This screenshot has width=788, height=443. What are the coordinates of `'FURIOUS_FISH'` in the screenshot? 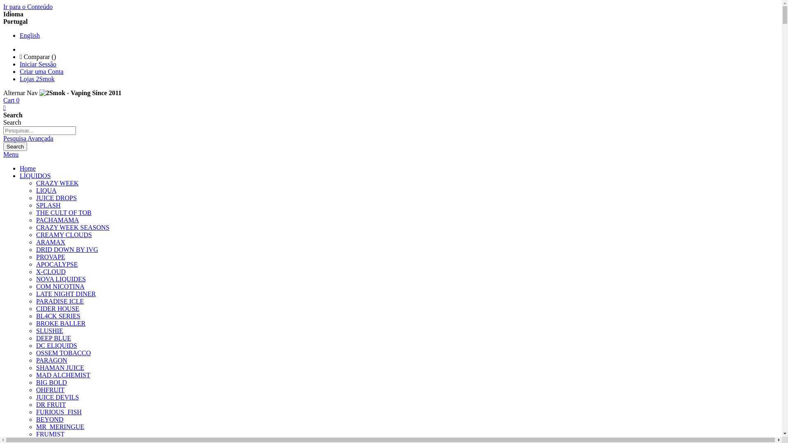 It's located at (58, 412).